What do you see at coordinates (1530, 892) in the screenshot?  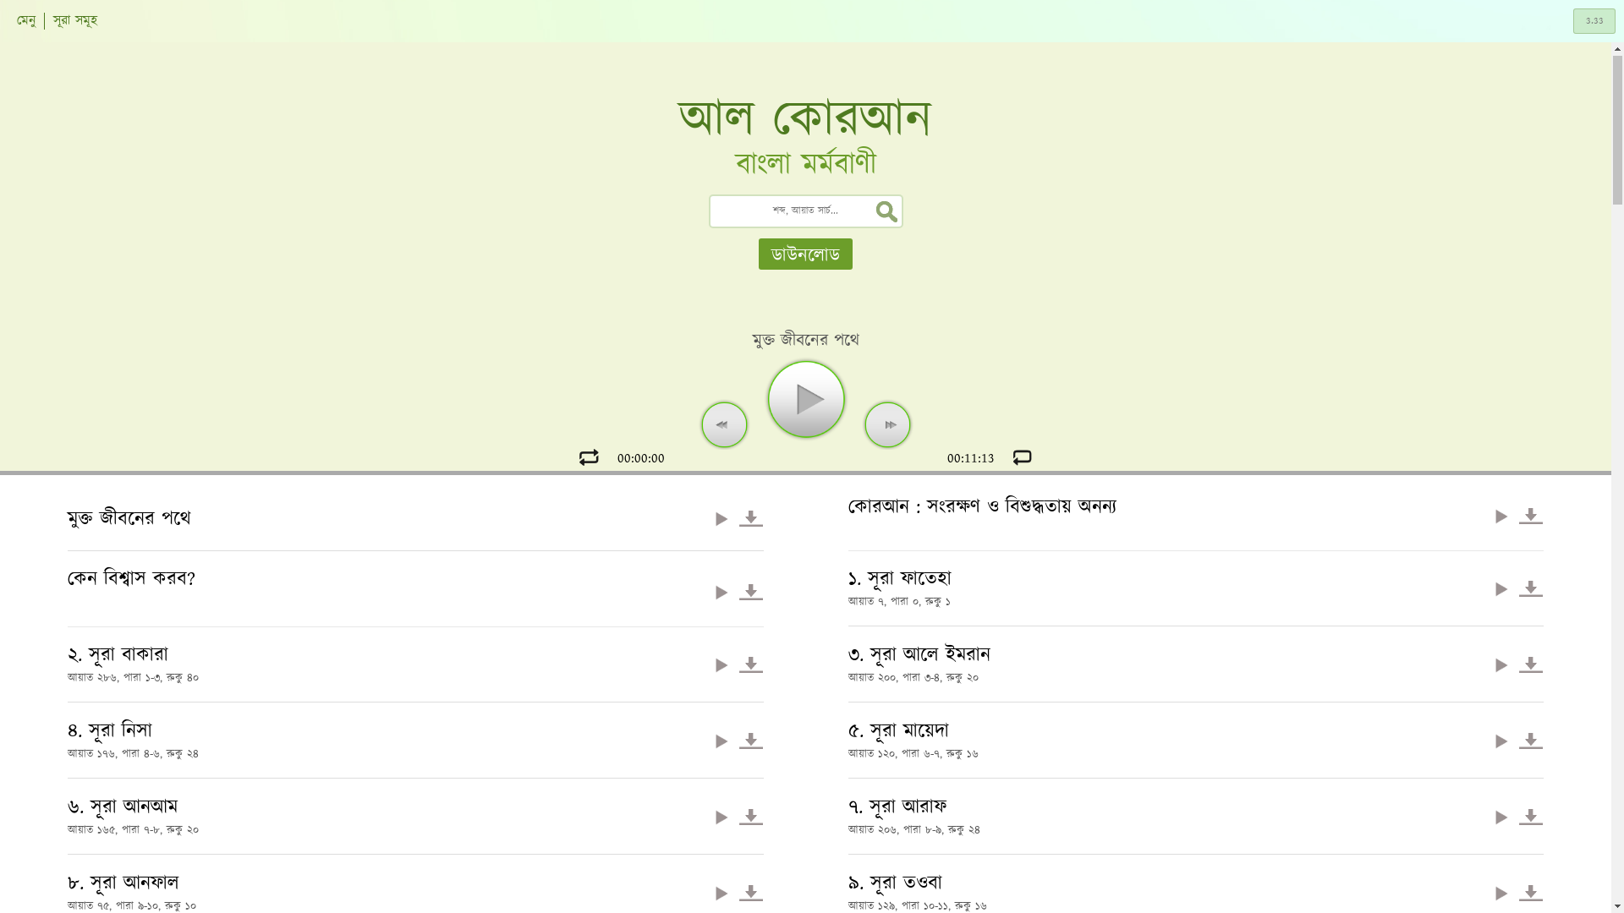 I see `'Download'` at bounding box center [1530, 892].